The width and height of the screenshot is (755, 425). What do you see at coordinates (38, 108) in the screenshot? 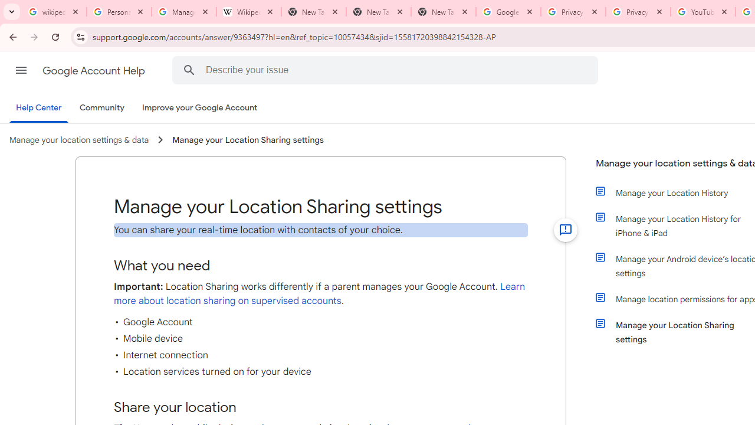
I see `'Help Center'` at bounding box center [38, 108].